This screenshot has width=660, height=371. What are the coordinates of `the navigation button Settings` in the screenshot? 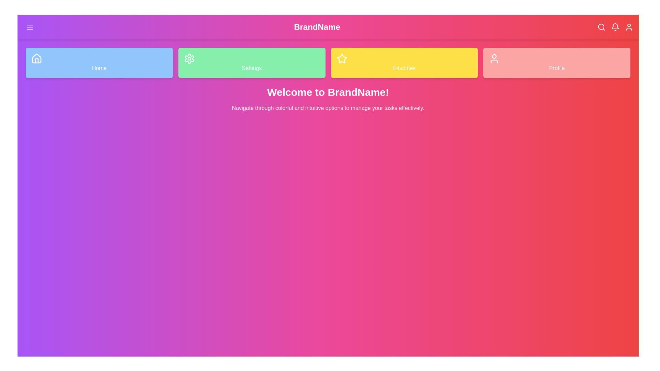 It's located at (251, 63).